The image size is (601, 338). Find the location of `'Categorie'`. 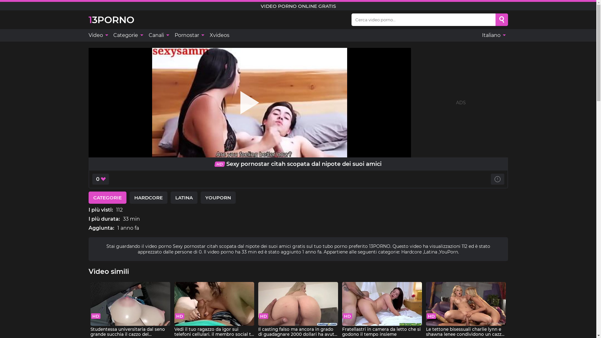

'Categorie' is located at coordinates (127, 35).